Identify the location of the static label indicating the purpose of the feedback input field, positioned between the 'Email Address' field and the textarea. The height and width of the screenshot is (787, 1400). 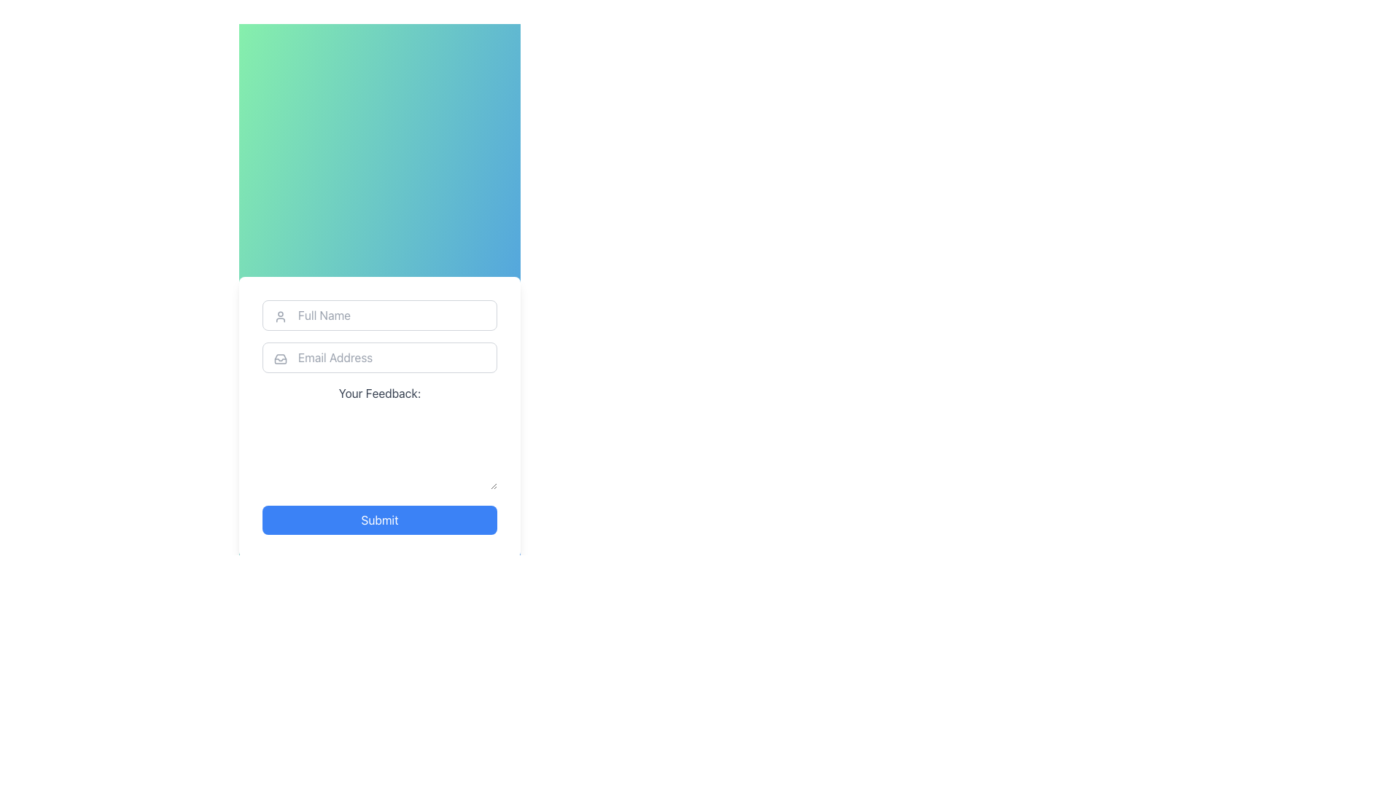
(380, 393).